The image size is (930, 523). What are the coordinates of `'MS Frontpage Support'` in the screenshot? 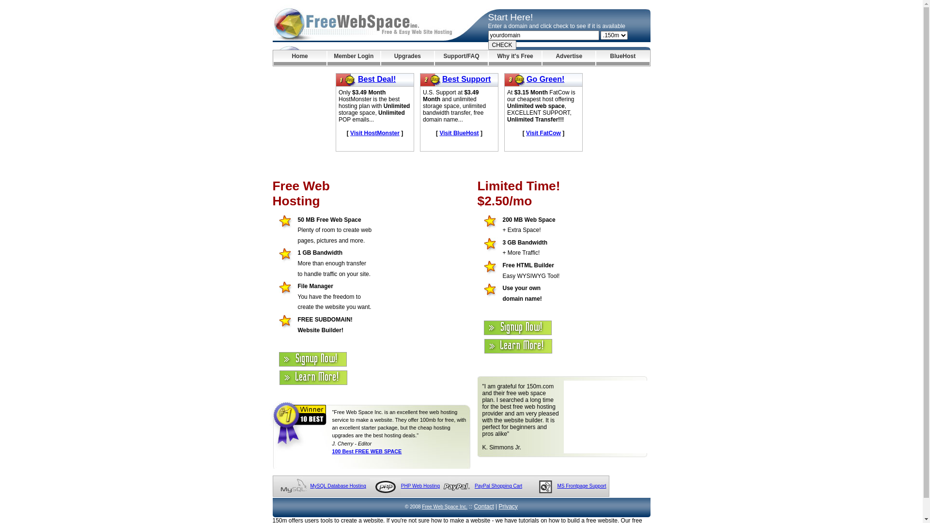 It's located at (581, 486).